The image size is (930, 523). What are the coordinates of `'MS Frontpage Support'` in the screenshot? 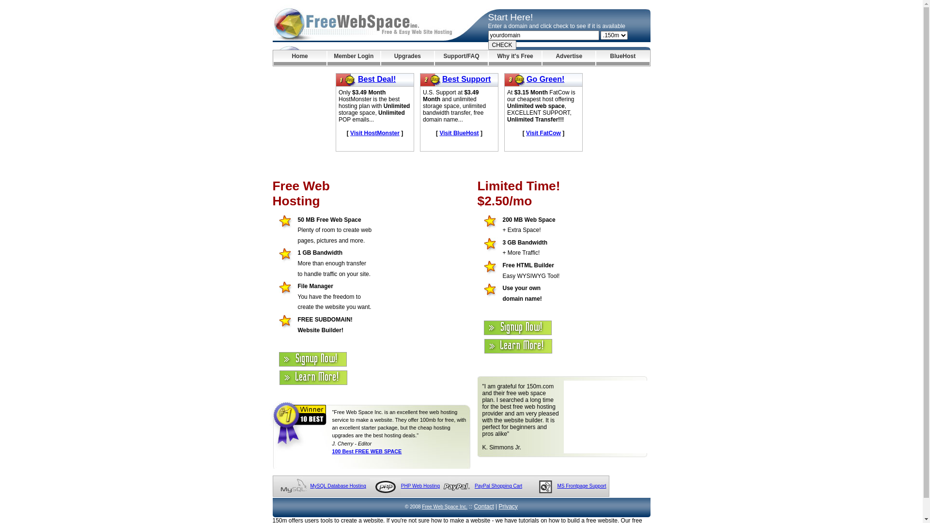 It's located at (581, 486).